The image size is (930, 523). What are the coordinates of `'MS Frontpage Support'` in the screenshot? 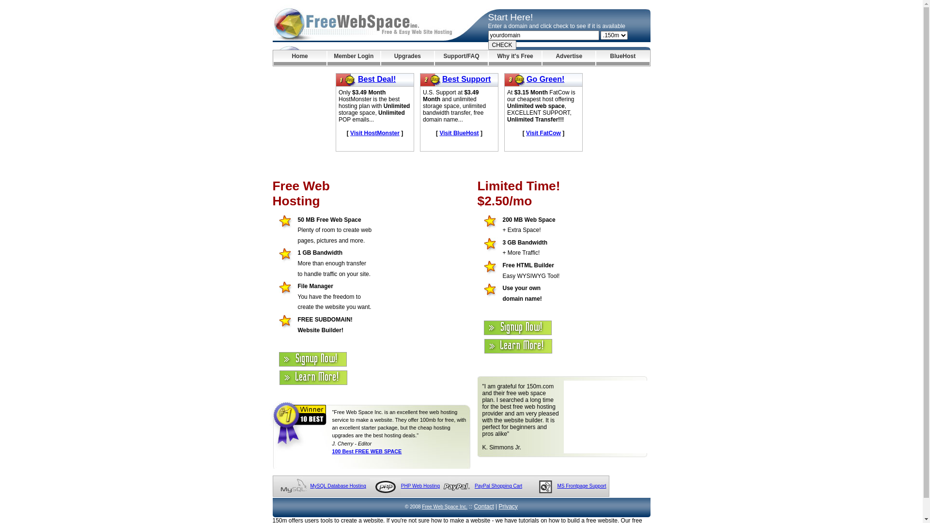 It's located at (581, 486).